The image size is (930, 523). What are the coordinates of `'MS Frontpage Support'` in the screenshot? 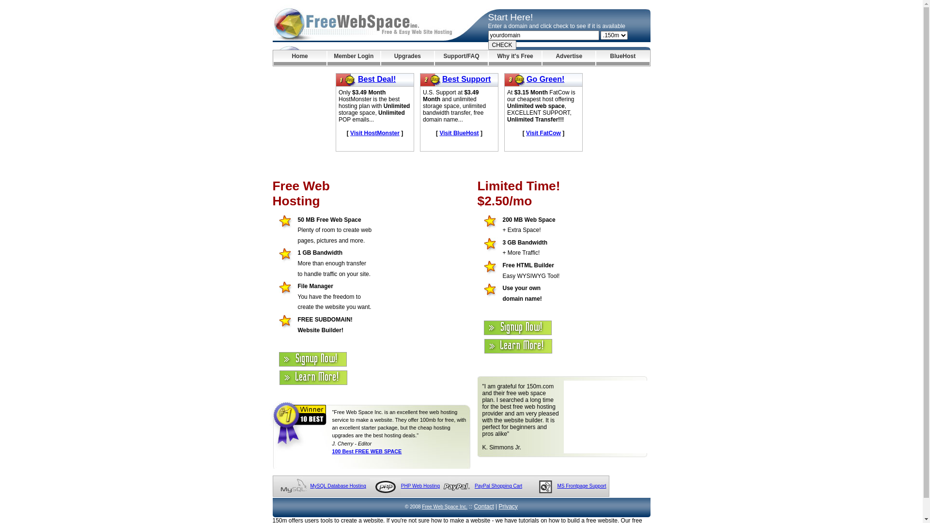 It's located at (581, 486).